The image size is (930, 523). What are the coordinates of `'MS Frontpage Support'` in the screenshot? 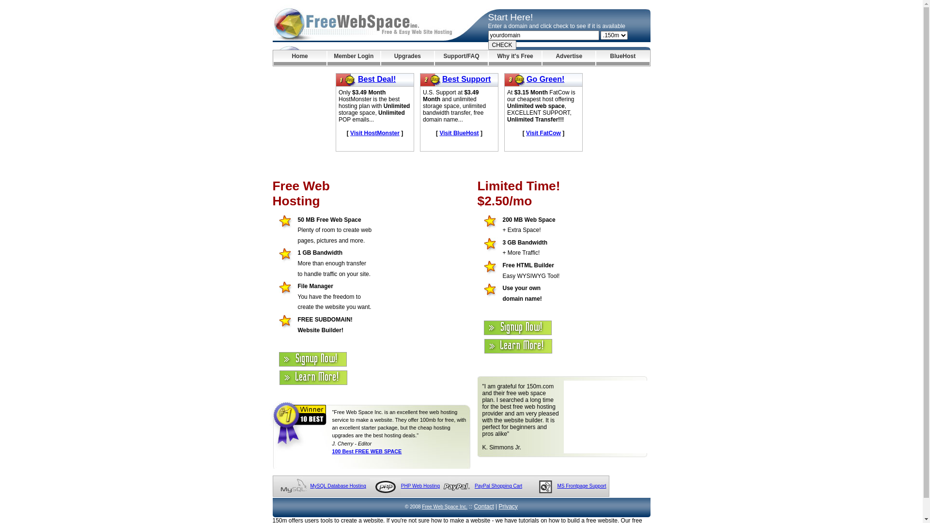 It's located at (581, 486).